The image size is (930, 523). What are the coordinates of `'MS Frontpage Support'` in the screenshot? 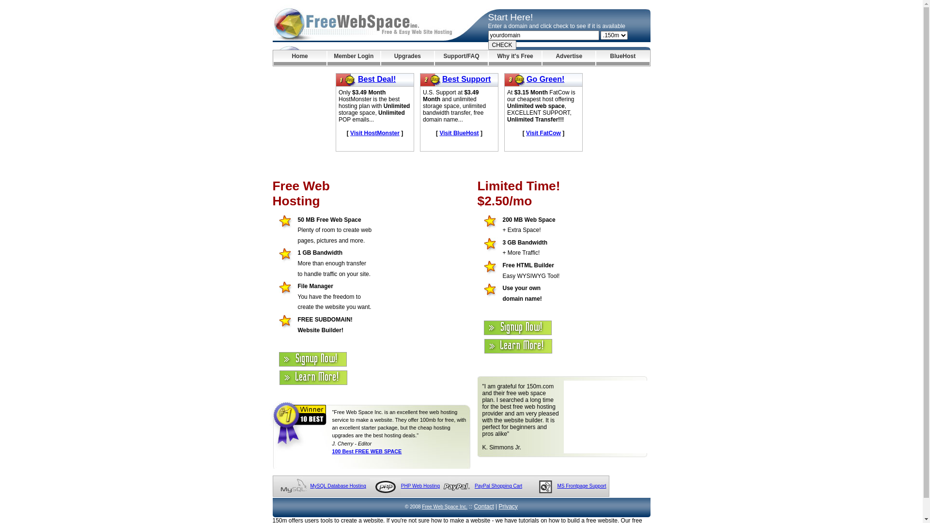 It's located at (581, 486).